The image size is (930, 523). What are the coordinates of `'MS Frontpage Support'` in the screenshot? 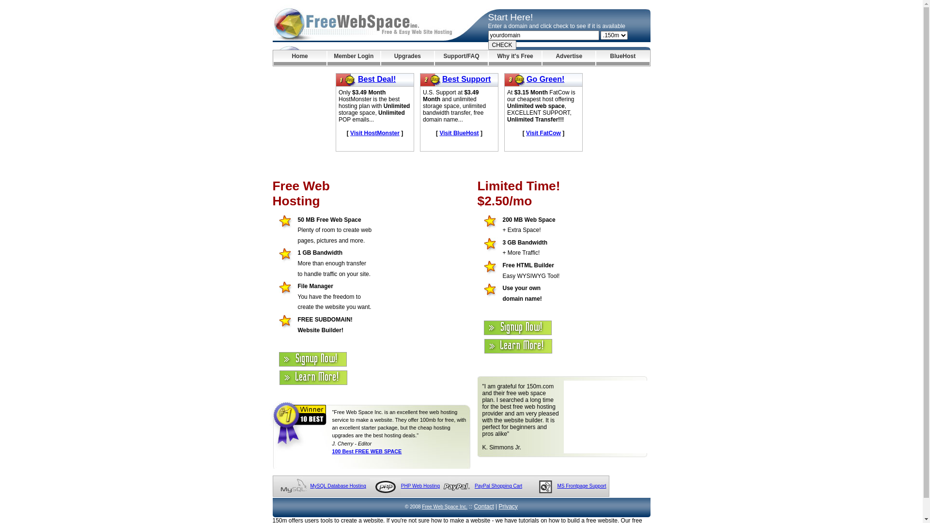 It's located at (581, 486).